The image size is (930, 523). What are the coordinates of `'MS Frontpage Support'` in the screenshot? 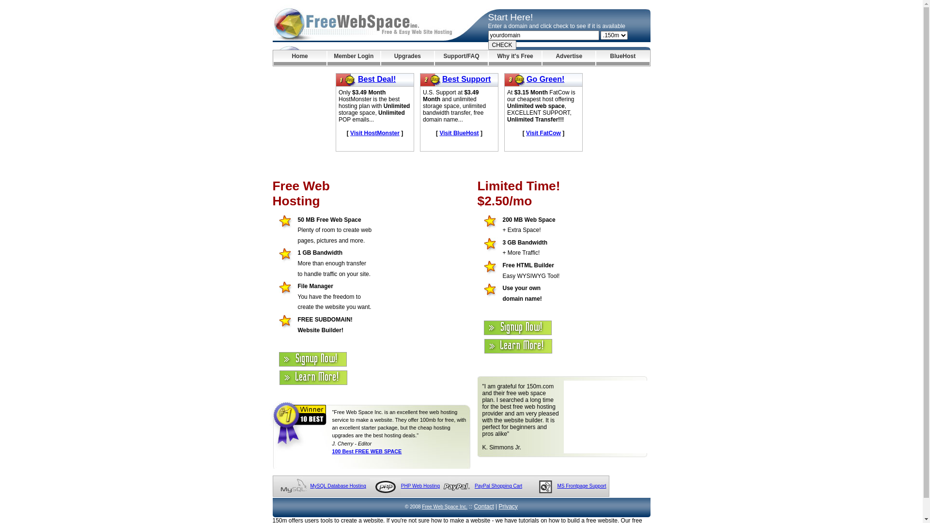 It's located at (581, 486).